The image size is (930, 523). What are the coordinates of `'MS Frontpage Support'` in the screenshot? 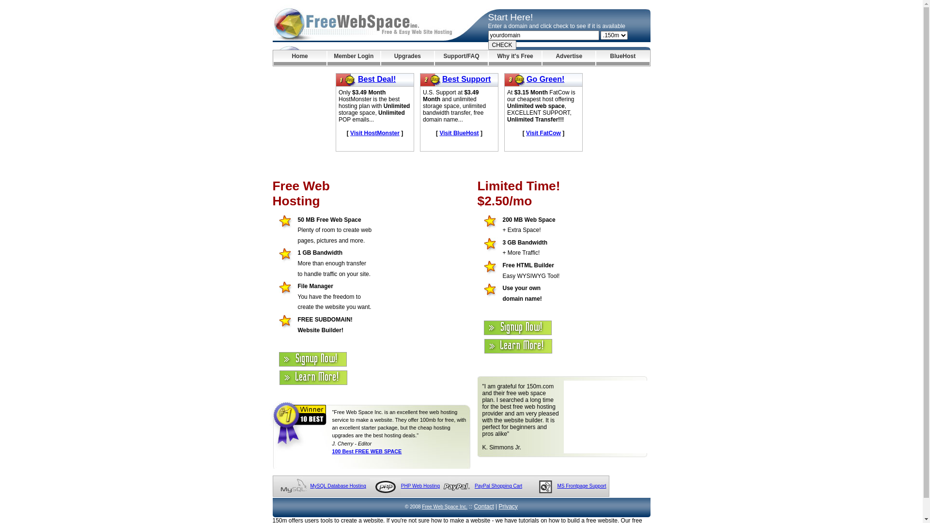 It's located at (581, 486).